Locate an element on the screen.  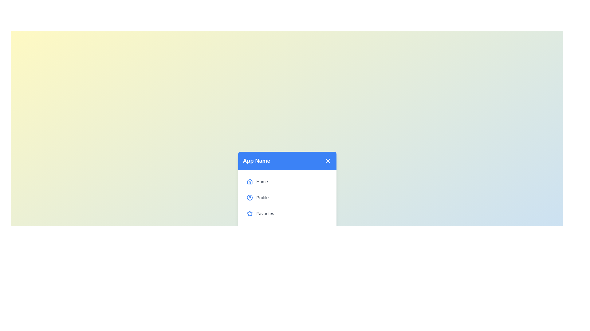
the menu item labeled Home to trigger its associated action is located at coordinates (287, 181).